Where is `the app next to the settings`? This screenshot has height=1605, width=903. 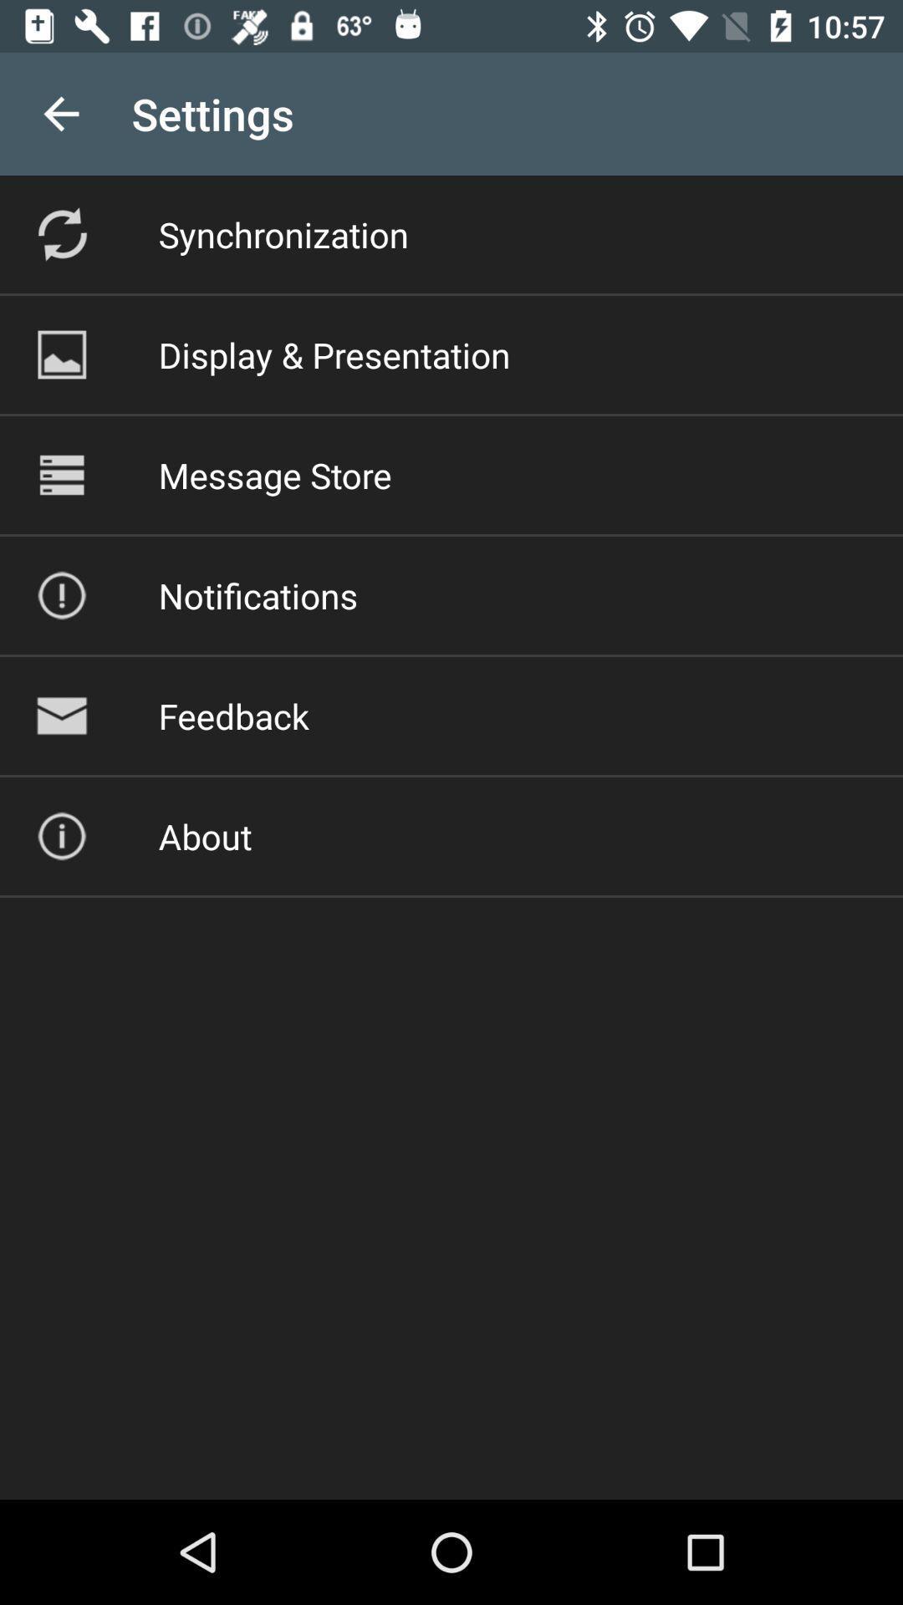
the app next to the settings is located at coordinates (60, 113).